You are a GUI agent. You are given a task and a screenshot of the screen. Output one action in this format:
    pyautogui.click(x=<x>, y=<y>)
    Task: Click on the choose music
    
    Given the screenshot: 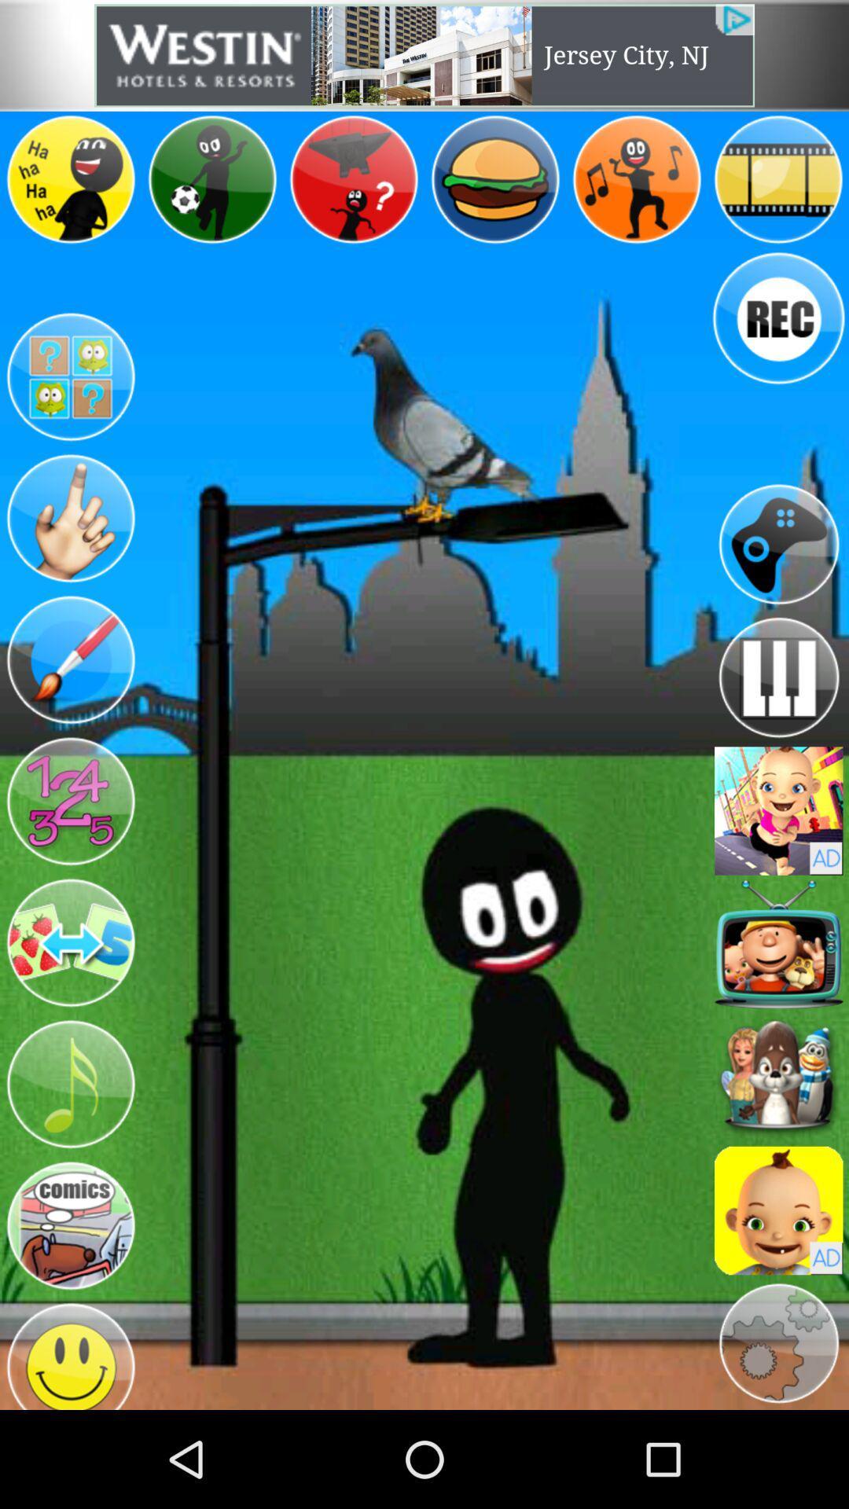 What is the action you would take?
    pyautogui.click(x=69, y=1084)
    